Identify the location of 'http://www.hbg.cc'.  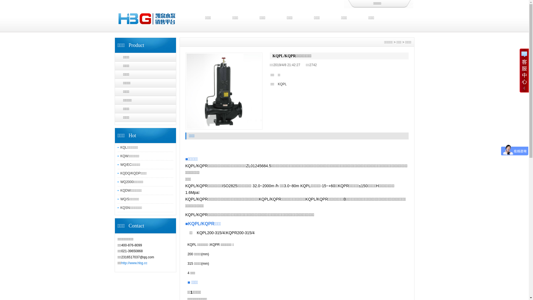
(134, 263).